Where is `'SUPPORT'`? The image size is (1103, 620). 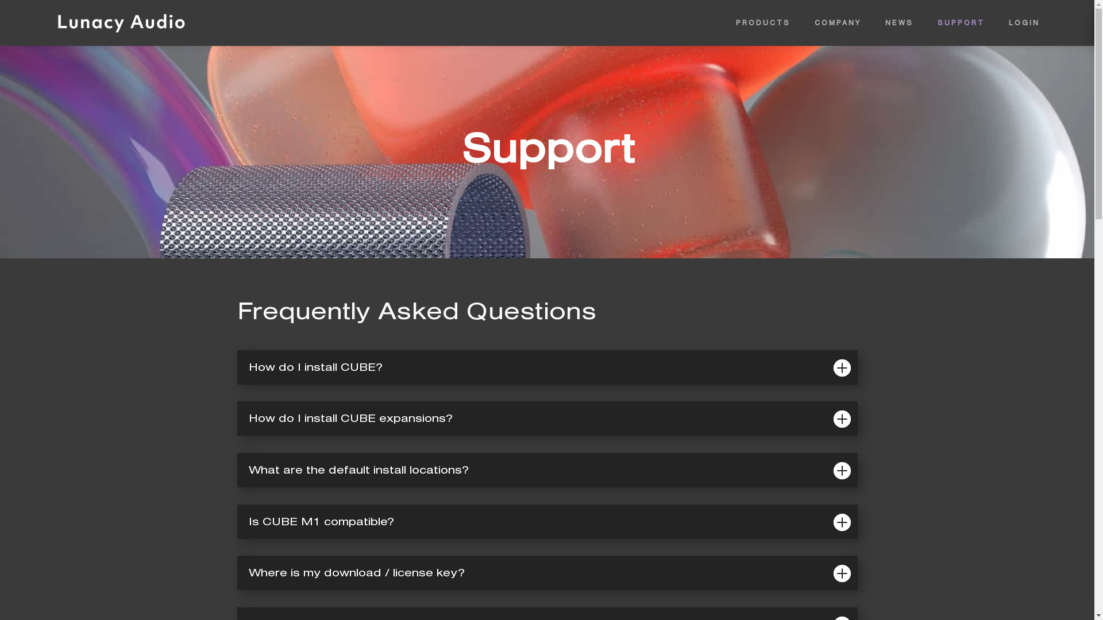
'SUPPORT' is located at coordinates (961, 22).